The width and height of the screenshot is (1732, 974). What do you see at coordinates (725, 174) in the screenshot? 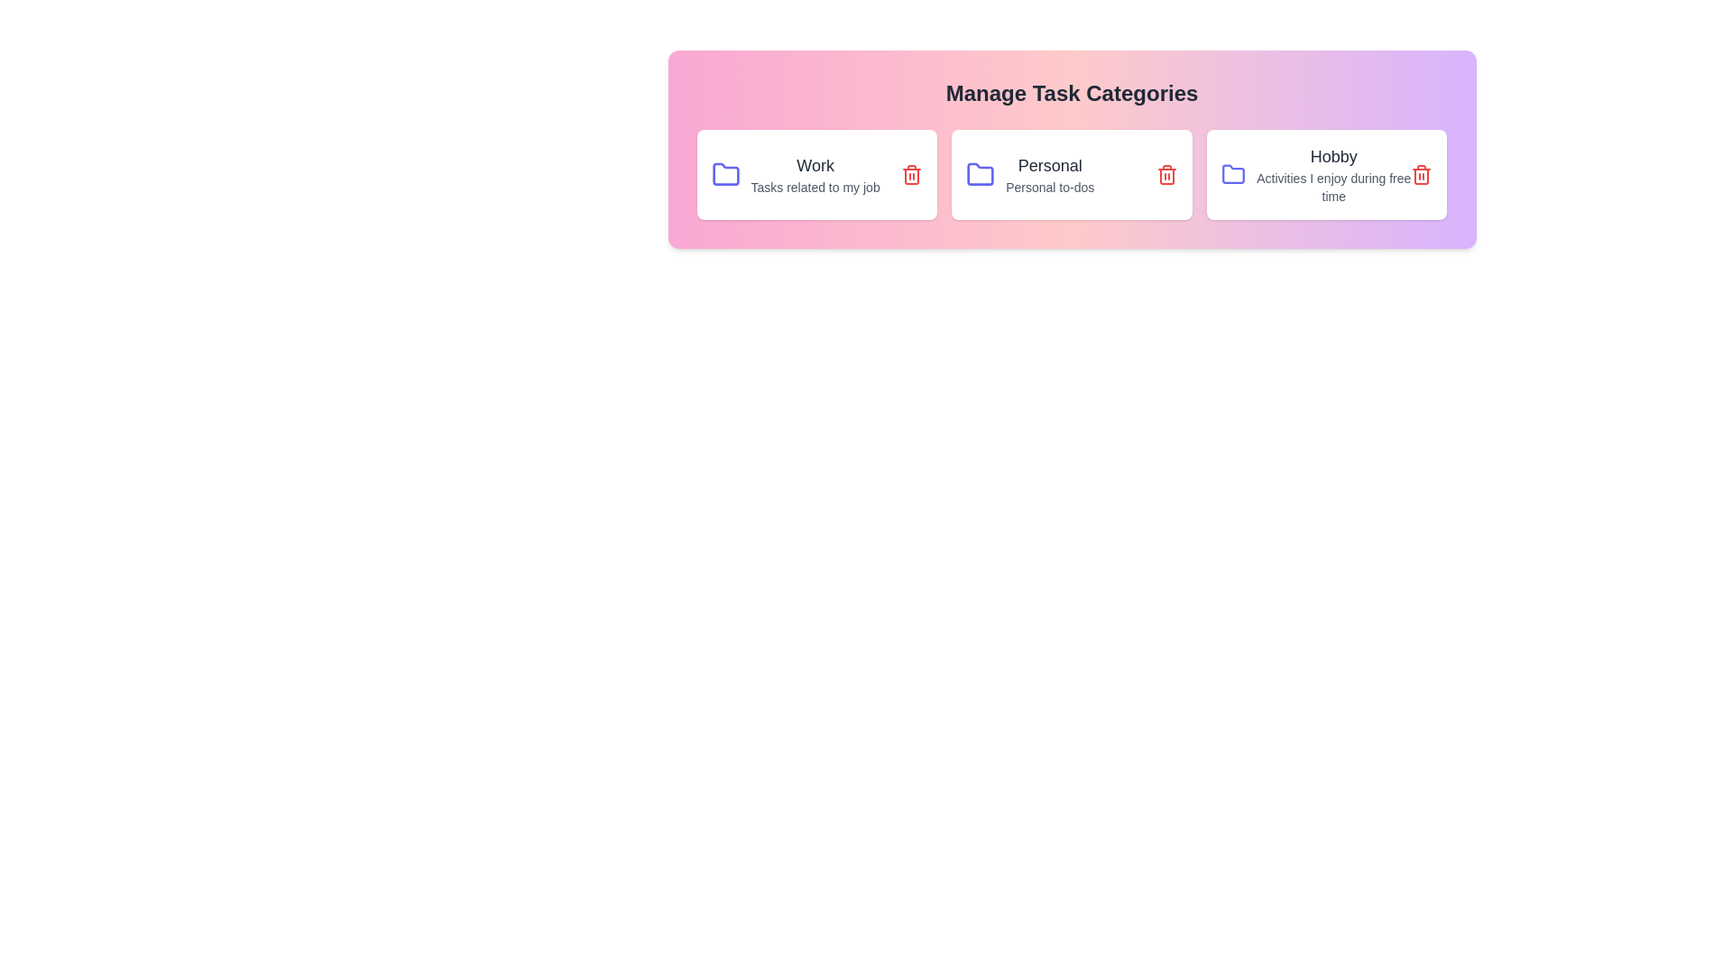
I see `the folder icon associated with the category Work` at bounding box center [725, 174].